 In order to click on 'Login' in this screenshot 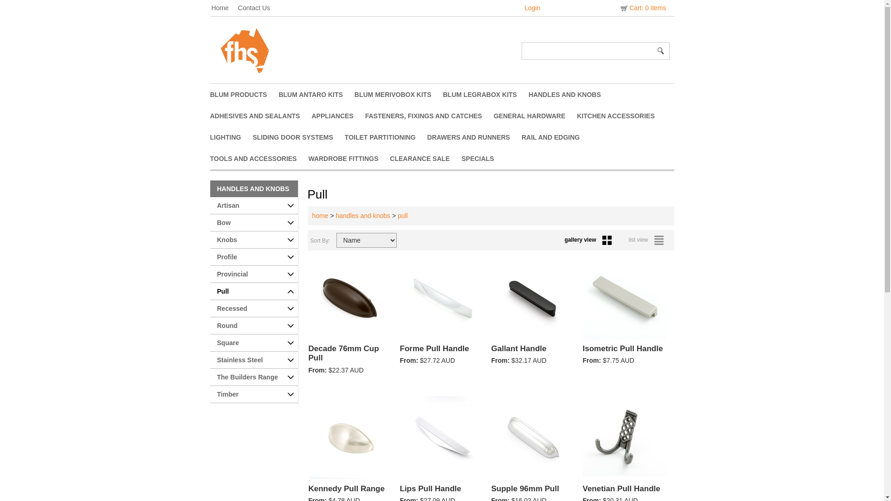, I will do `click(532, 7)`.